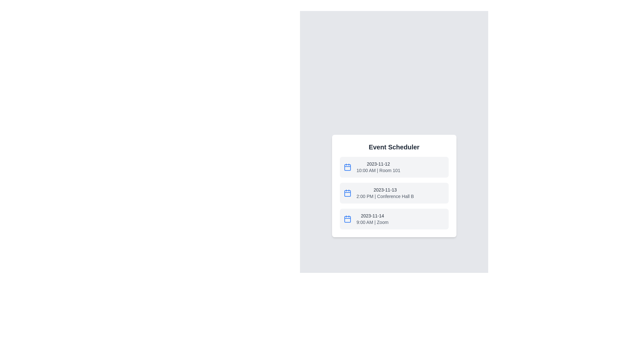 The height and width of the screenshot is (350, 622). Describe the element at coordinates (378, 163) in the screenshot. I see `text content of the date label indicating the event scheduled for '2023-11-12' located in the 'Event Scheduler' section, positioned to the right of the calendar icon` at that location.